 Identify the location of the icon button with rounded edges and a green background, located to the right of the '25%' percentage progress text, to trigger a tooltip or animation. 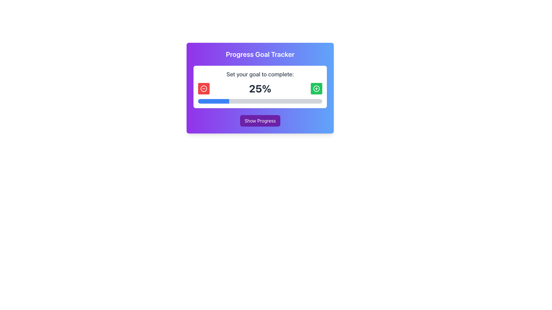
(316, 88).